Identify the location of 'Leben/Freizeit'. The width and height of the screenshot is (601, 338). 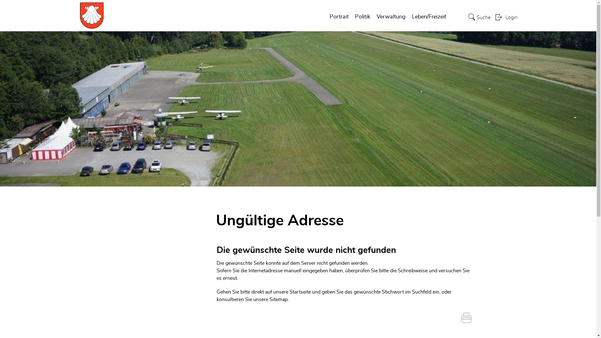
(429, 17).